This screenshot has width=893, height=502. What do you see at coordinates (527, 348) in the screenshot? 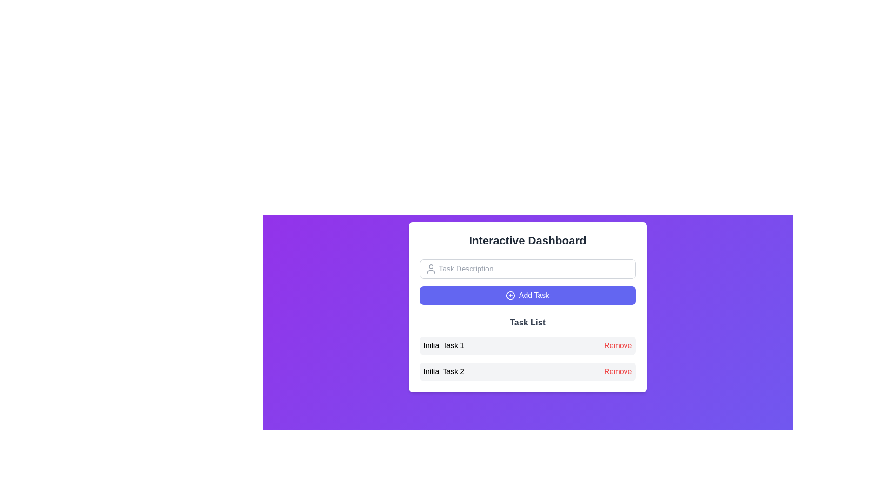
I see `the task rows in the task list section, which is displayed below the 'Interactive Dashboard' title and 'Add Task' button` at bounding box center [527, 348].